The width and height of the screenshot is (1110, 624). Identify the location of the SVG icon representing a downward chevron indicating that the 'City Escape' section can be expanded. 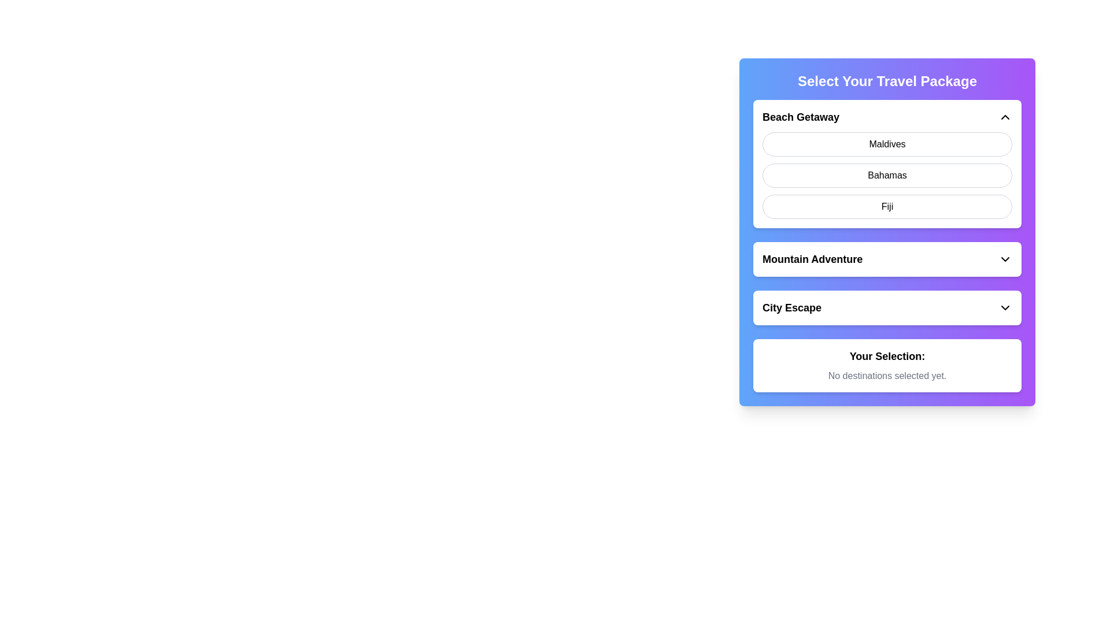
(1004, 307).